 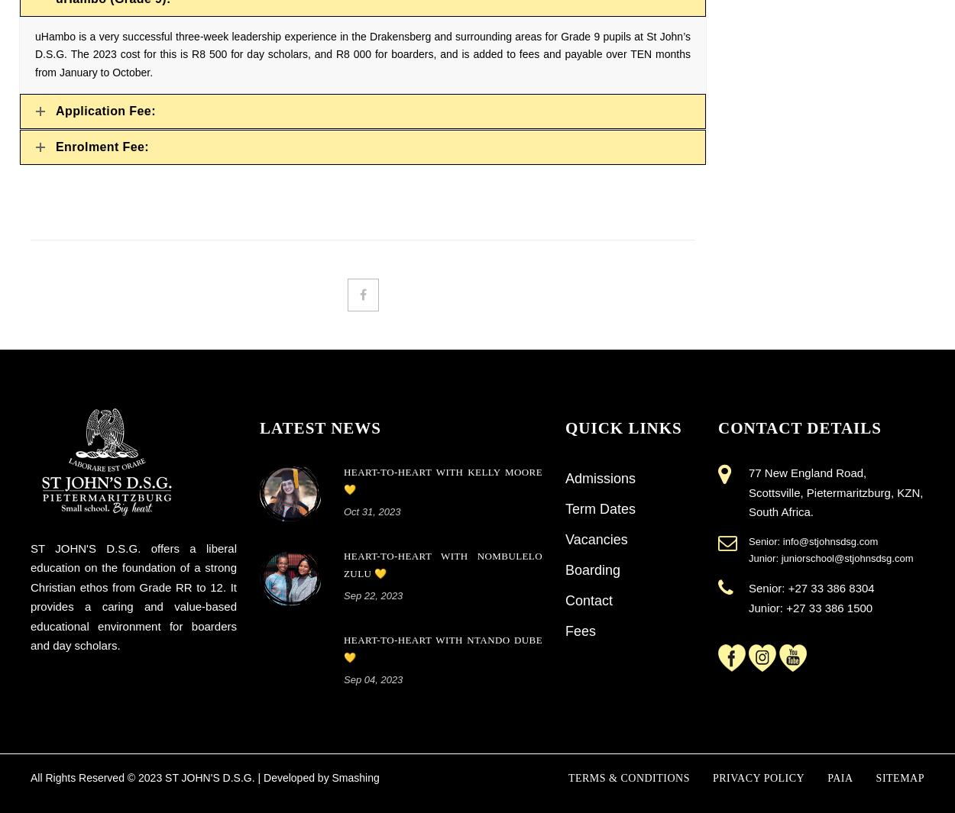 I want to click on 'juniorschool@stjohnsdsg.com', so click(x=846, y=558).